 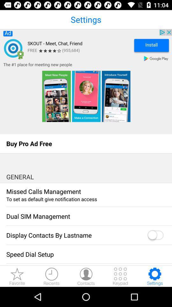 What do you see at coordinates (86, 276) in the screenshot?
I see `open contacts` at bounding box center [86, 276].